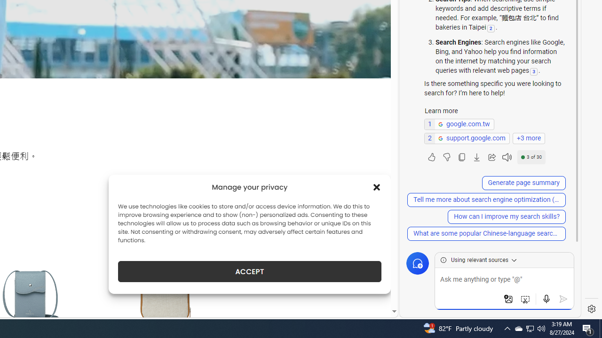 This screenshot has height=338, width=602. Describe the element at coordinates (250, 271) in the screenshot. I see `'ACCEPT'` at that location.